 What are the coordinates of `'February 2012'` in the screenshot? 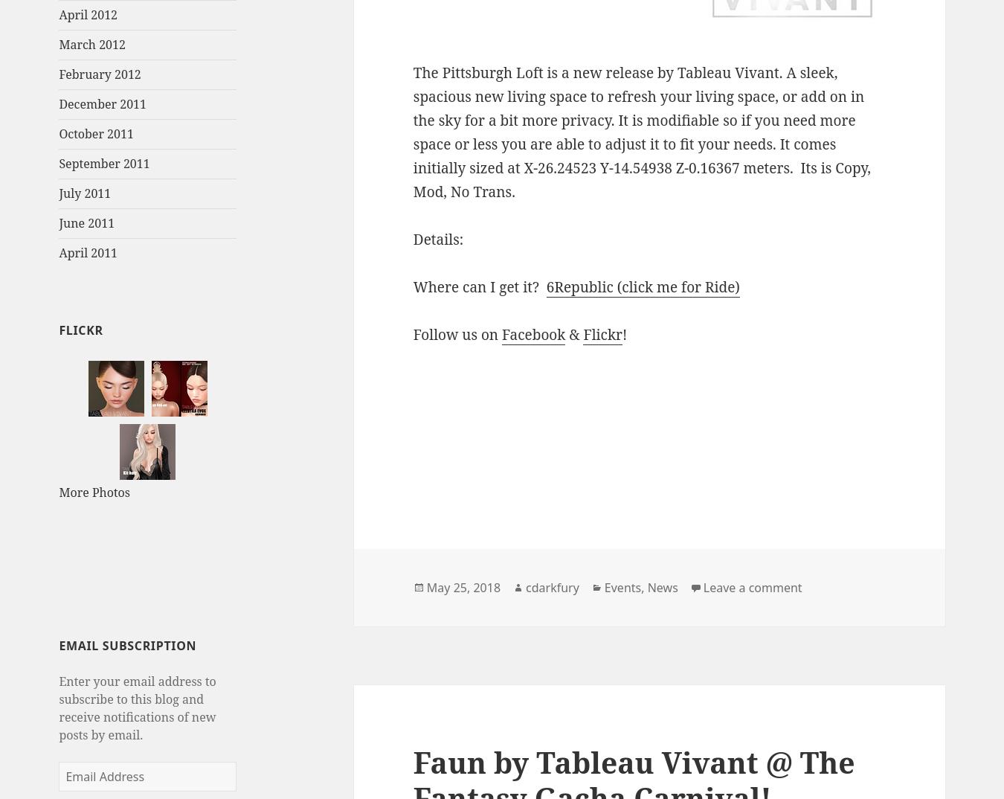 It's located at (100, 74).